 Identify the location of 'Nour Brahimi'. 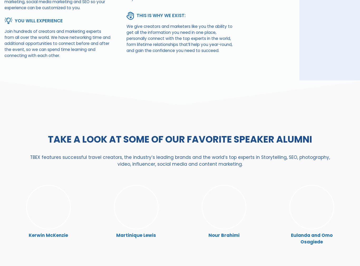
(223, 234).